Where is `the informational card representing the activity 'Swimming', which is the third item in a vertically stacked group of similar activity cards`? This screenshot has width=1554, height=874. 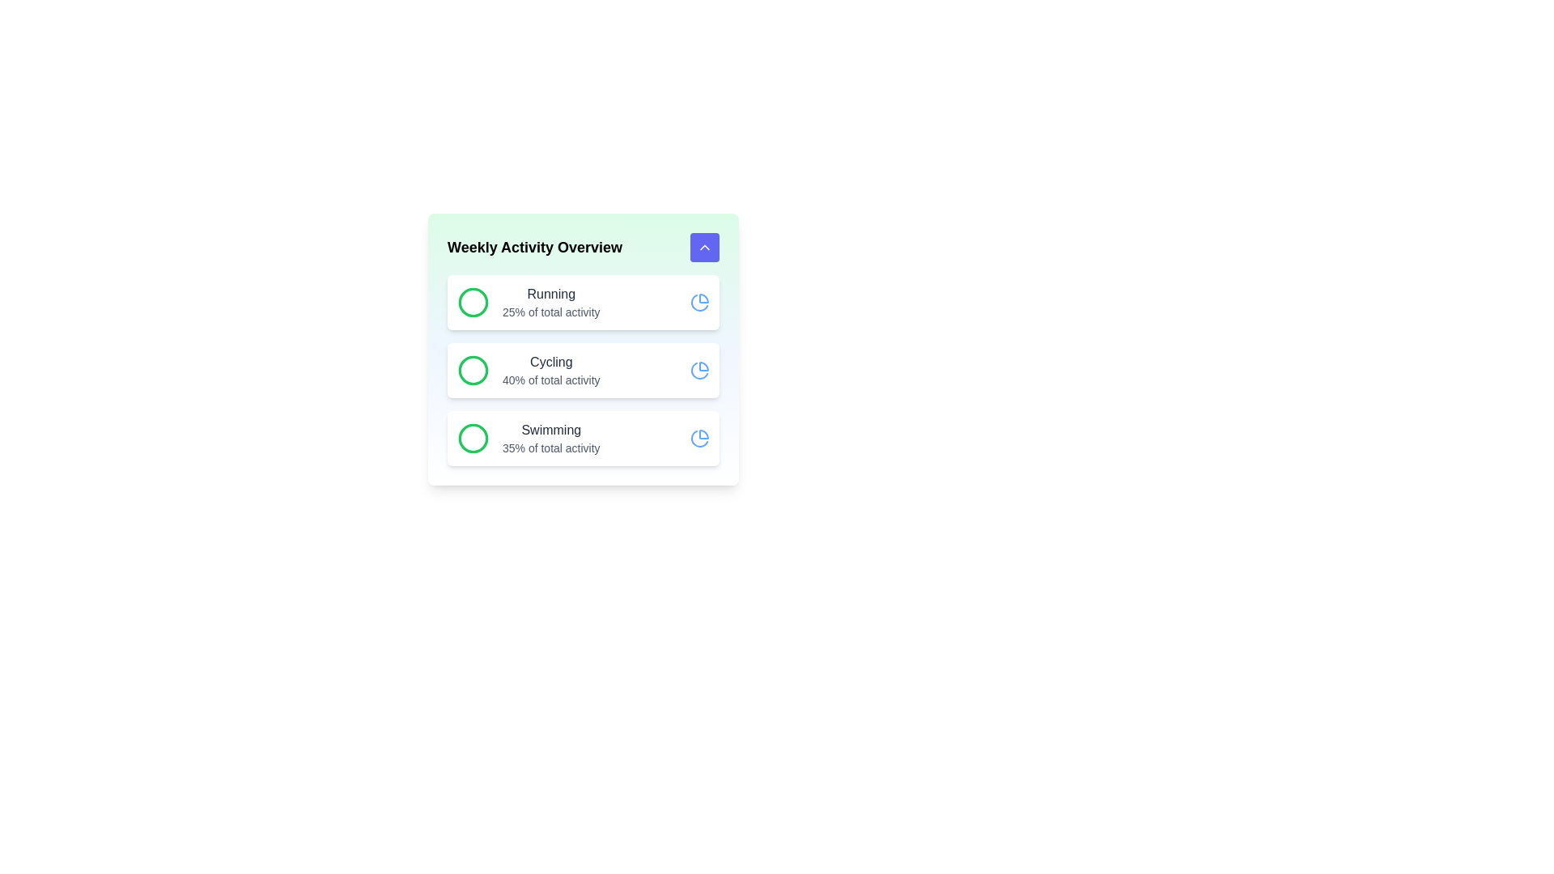
the informational card representing the activity 'Swimming', which is the third item in a vertically stacked group of similar activity cards is located at coordinates (583, 439).